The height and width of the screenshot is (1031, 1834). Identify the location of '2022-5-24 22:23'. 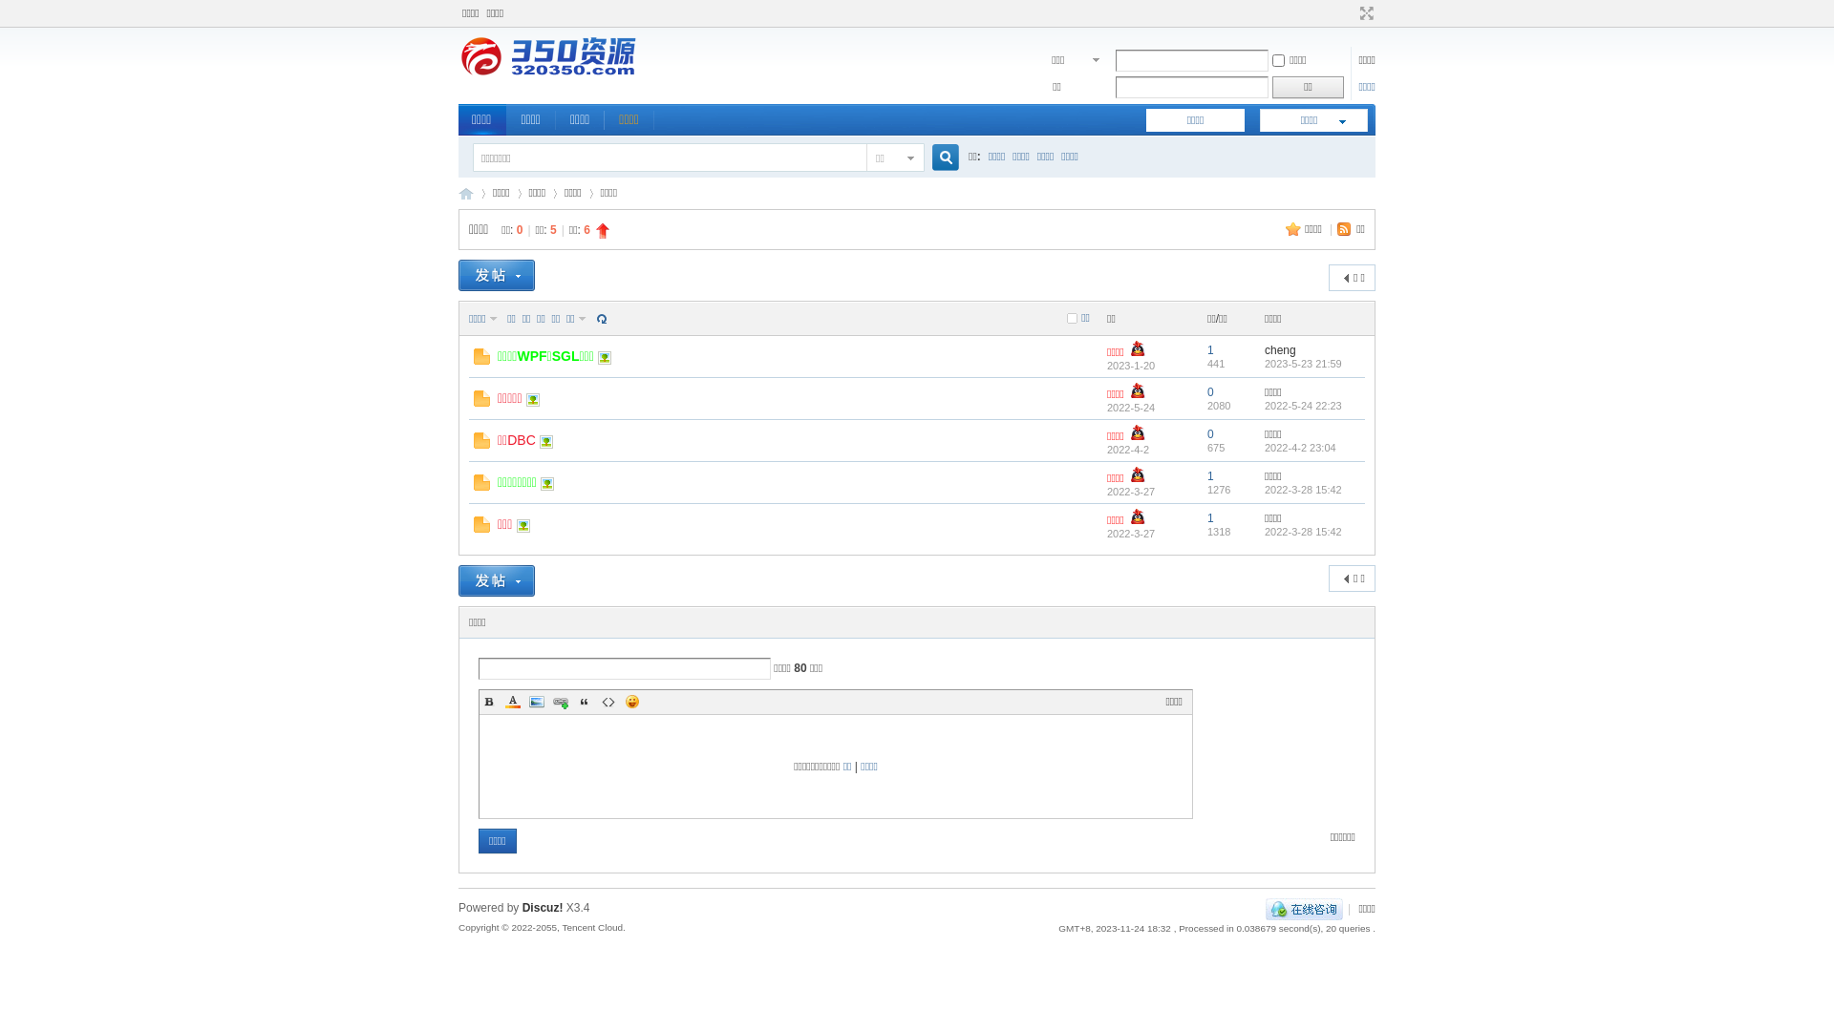
(1302, 404).